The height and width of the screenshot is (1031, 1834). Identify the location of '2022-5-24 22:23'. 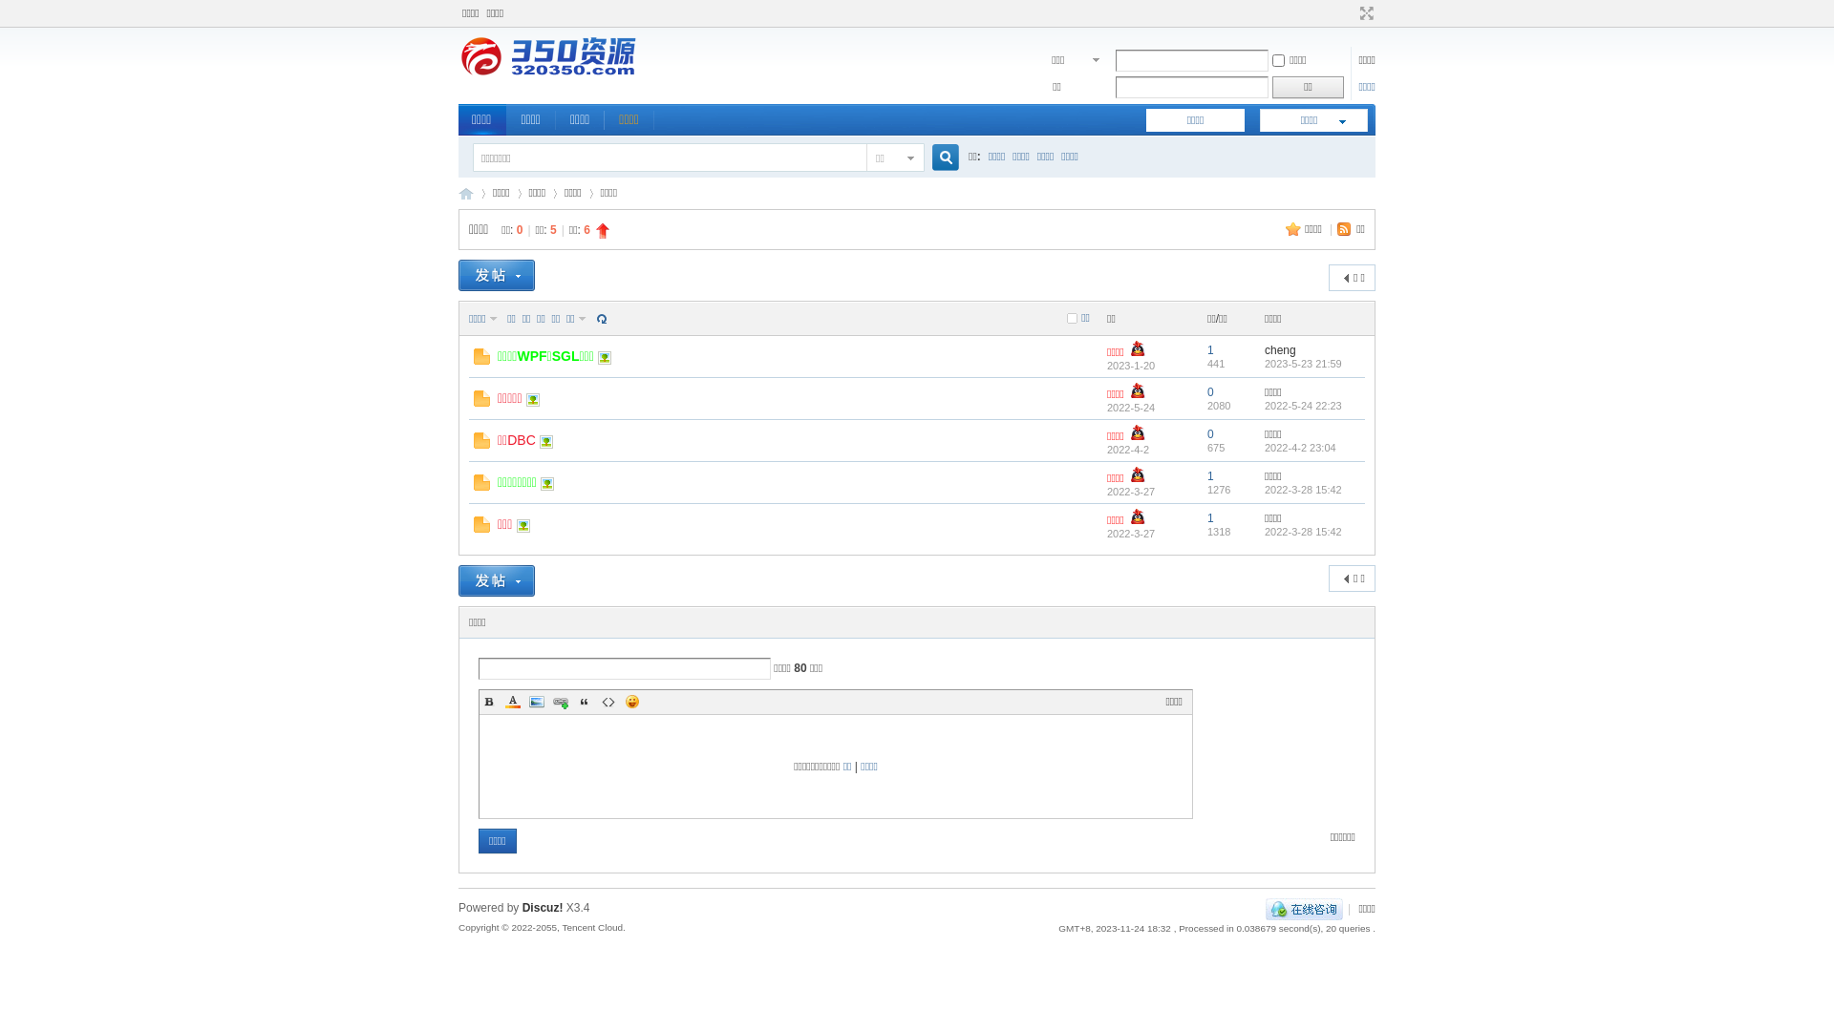
(1302, 404).